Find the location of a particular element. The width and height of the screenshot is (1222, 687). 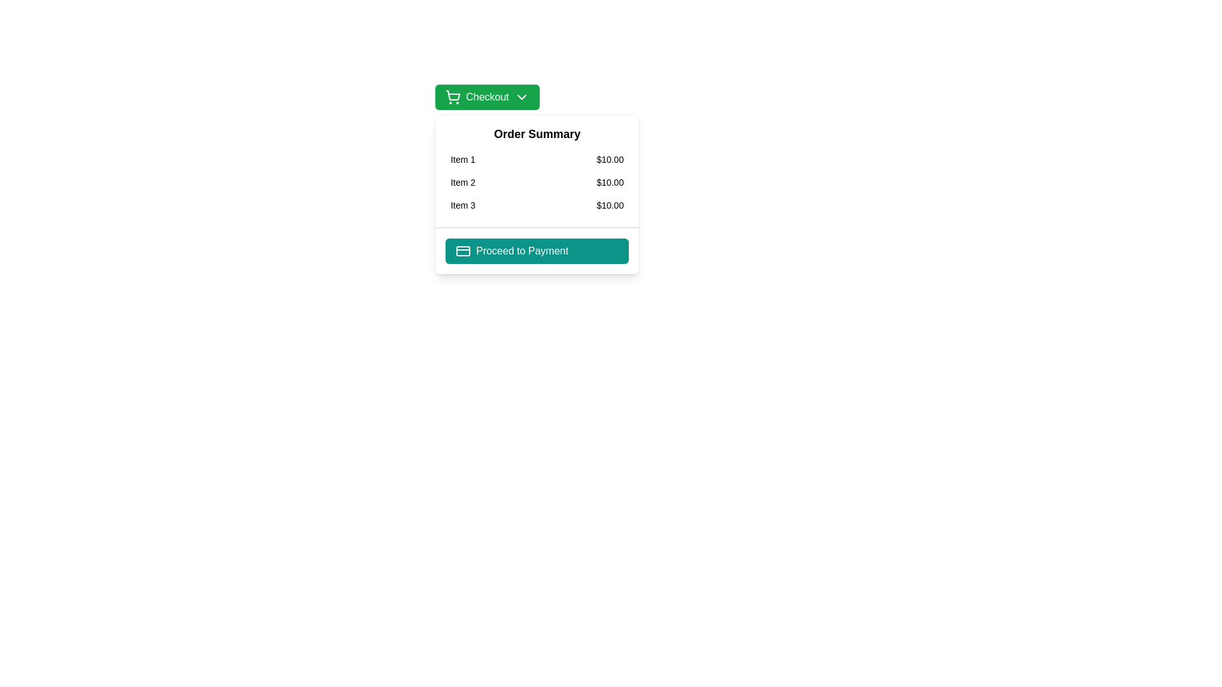

the shopping cart icon located within the green 'Checkout' button on the left side, positioned before the 'Checkout' text is located at coordinates (453, 97).